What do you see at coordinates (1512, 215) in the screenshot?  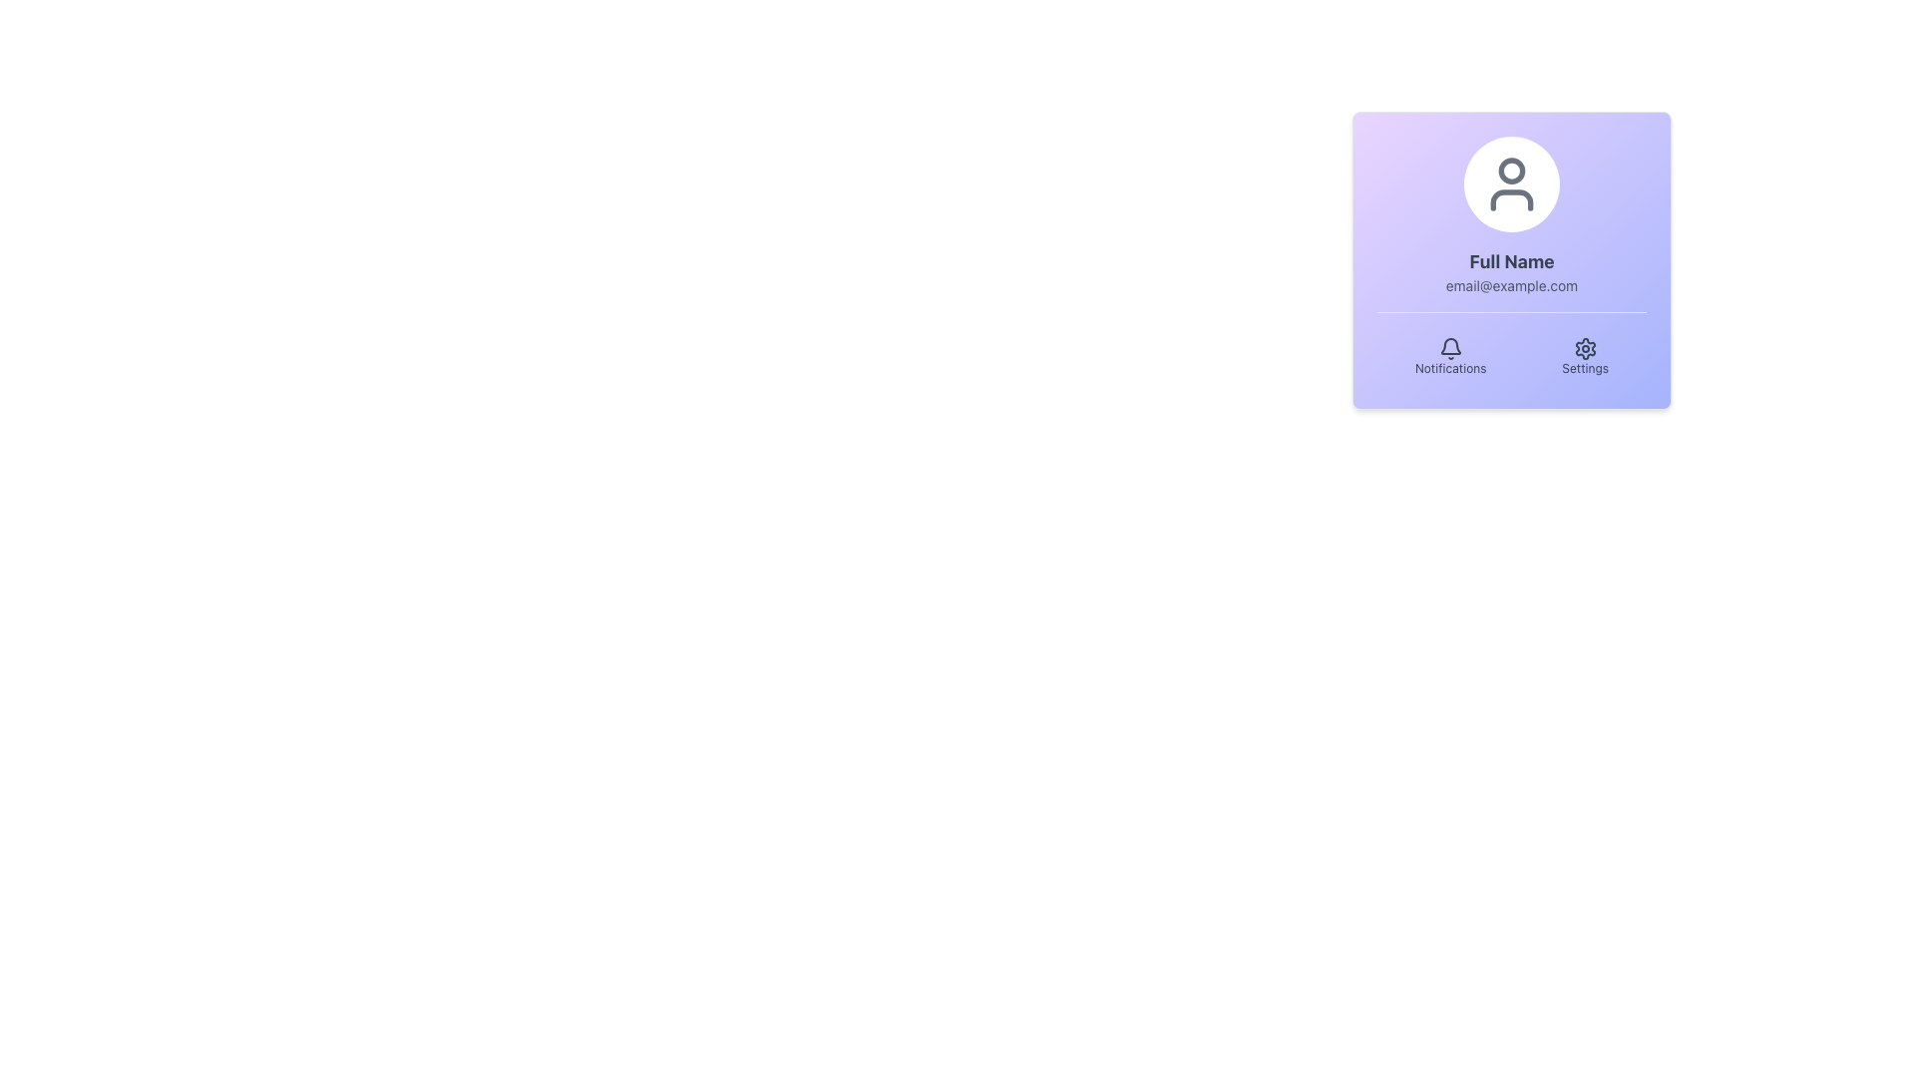 I see `the Profile Card element displaying the user's profile name and email address, located in the top-center area of the card component with a gradient purple background` at bounding box center [1512, 215].